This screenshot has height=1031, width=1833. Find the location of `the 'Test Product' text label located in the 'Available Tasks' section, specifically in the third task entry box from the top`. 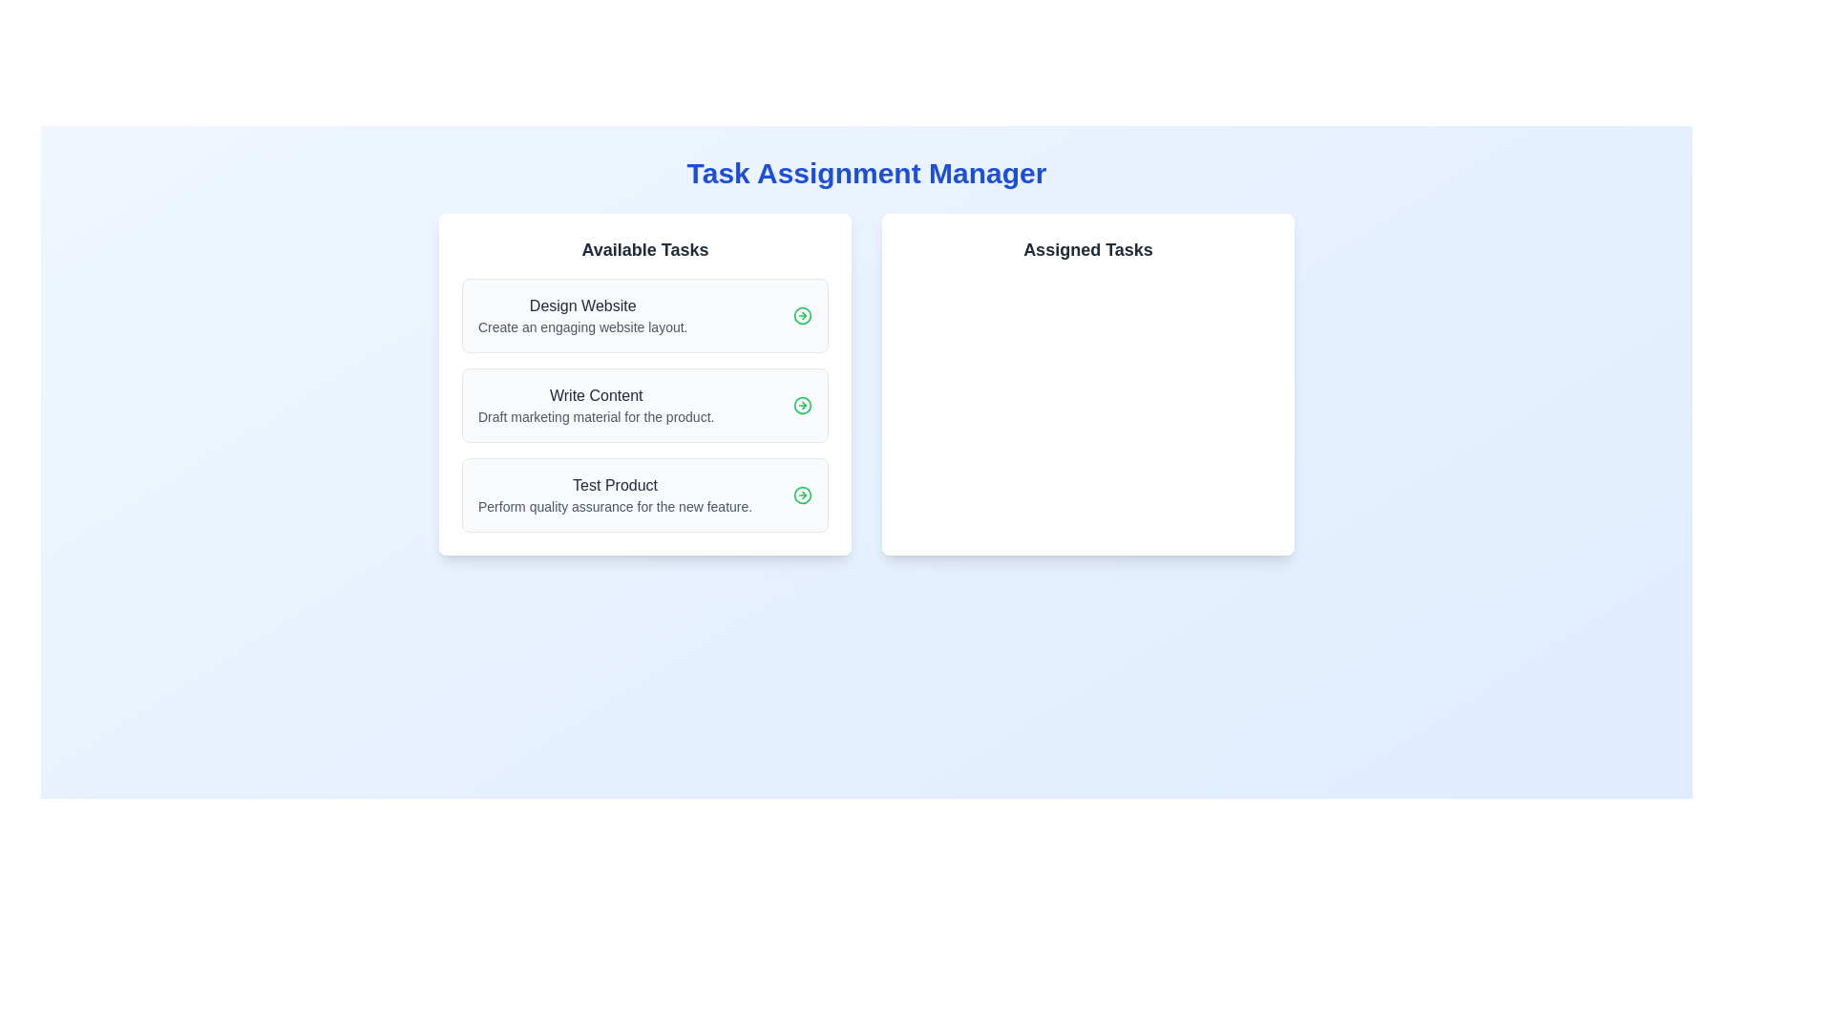

the 'Test Product' text label located in the 'Available Tasks' section, specifically in the third task entry box from the top is located at coordinates (615, 485).